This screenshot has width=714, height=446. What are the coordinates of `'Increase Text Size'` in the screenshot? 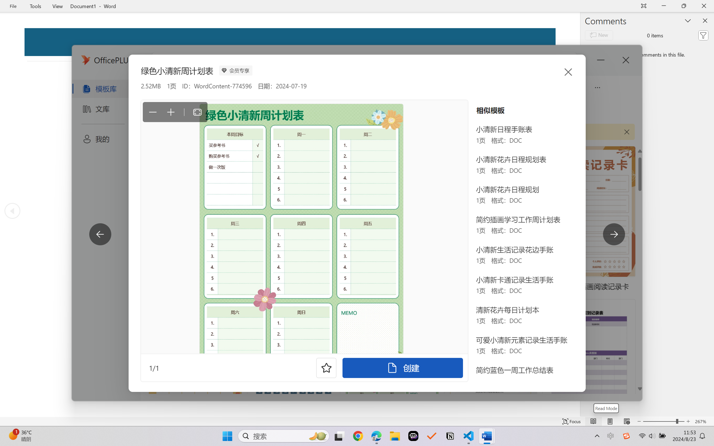 It's located at (688, 421).